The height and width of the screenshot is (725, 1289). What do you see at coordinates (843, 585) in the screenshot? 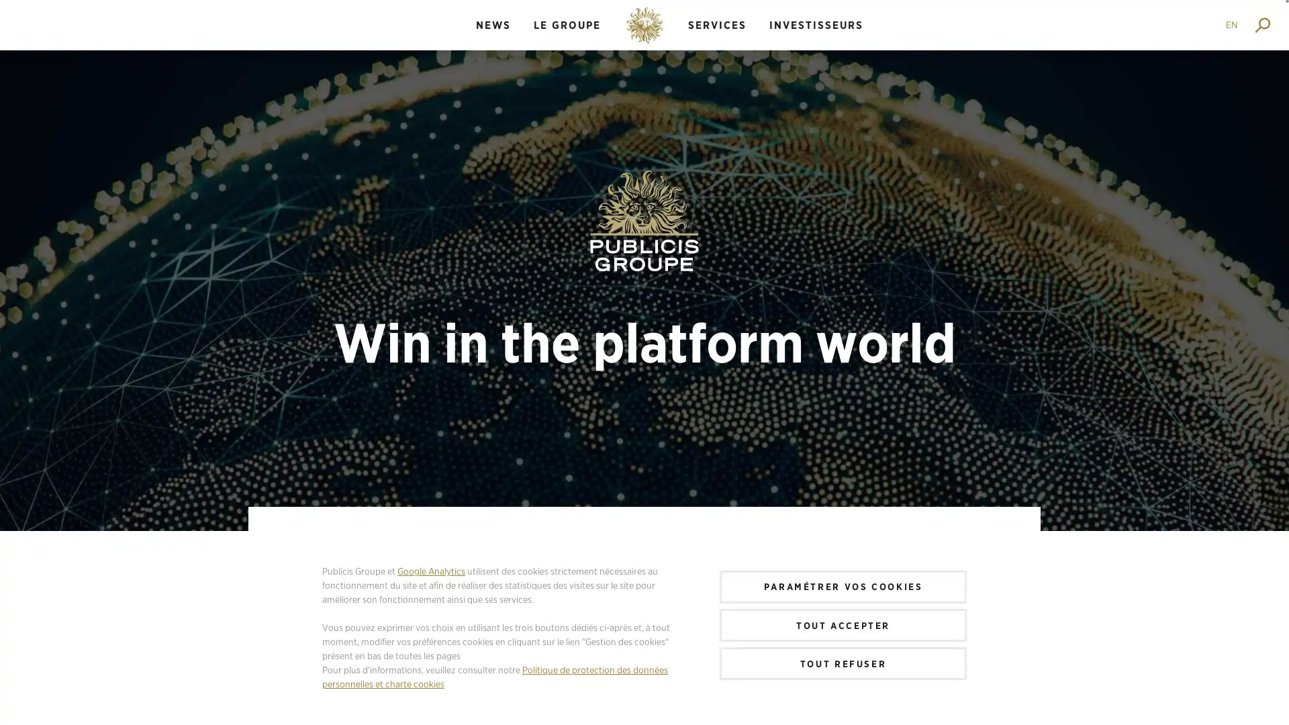
I see `PARAMETRER VOS COOKIES PARAMETRER VOS COOKIES` at bounding box center [843, 585].